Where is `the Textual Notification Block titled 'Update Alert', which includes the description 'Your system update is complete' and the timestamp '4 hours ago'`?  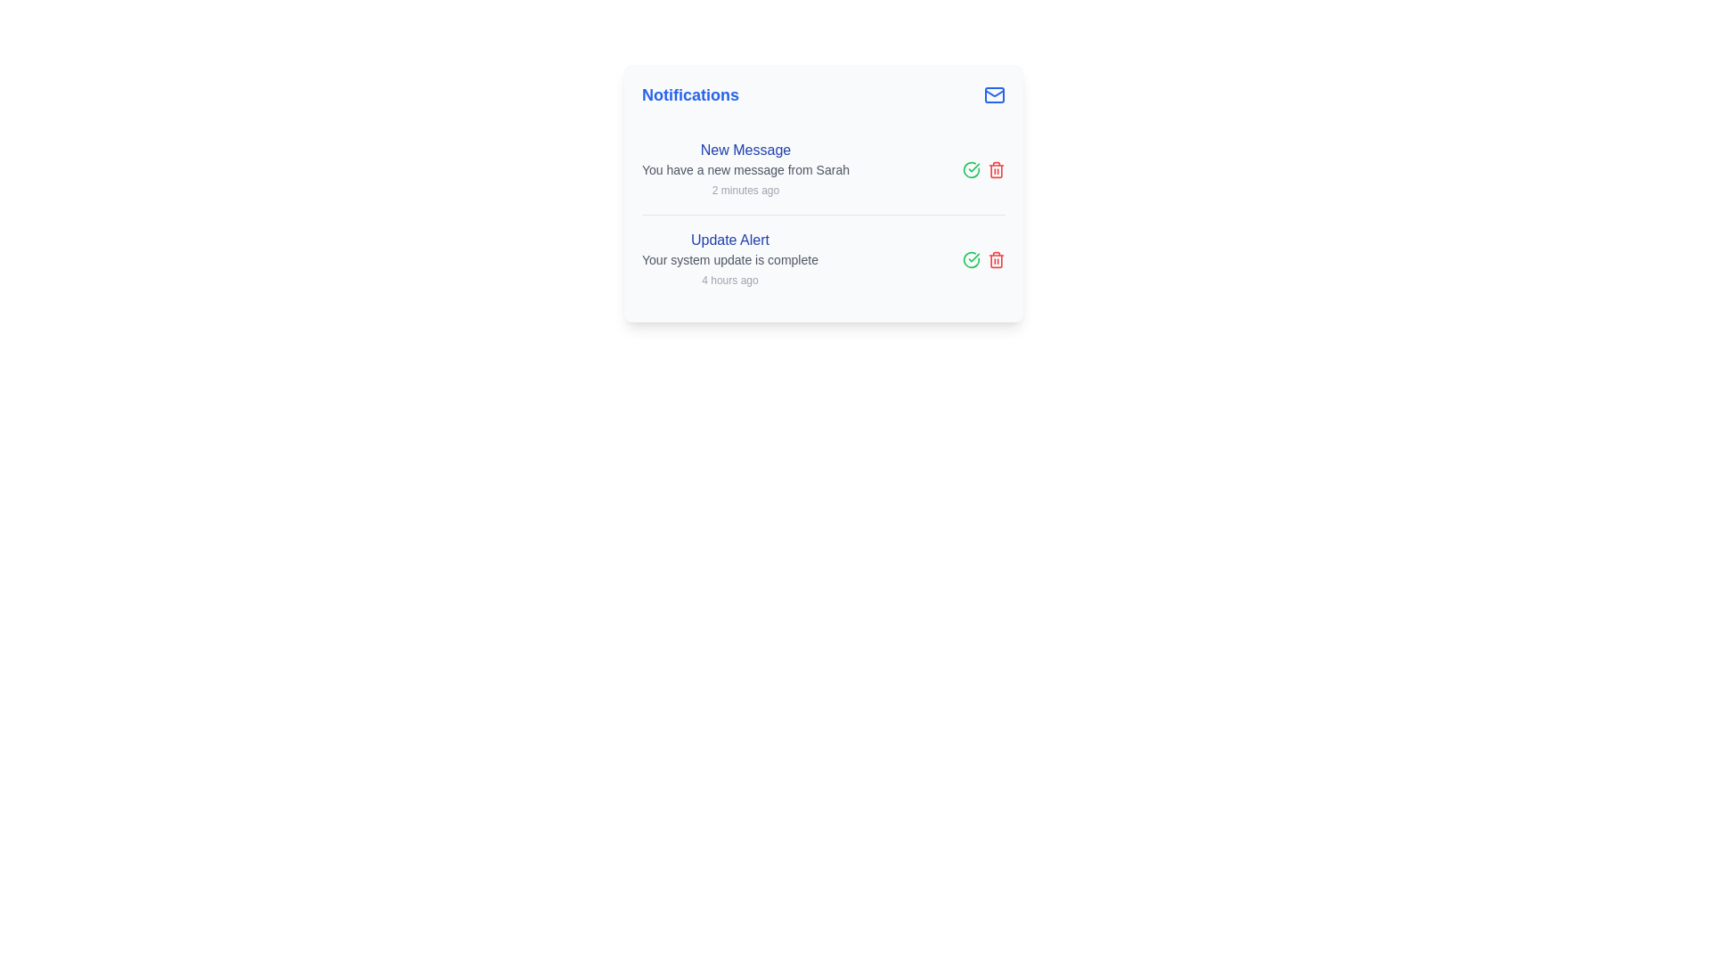 the Textual Notification Block titled 'Update Alert', which includes the description 'Your system update is complete' and the timestamp '4 hours ago' is located at coordinates (730, 260).